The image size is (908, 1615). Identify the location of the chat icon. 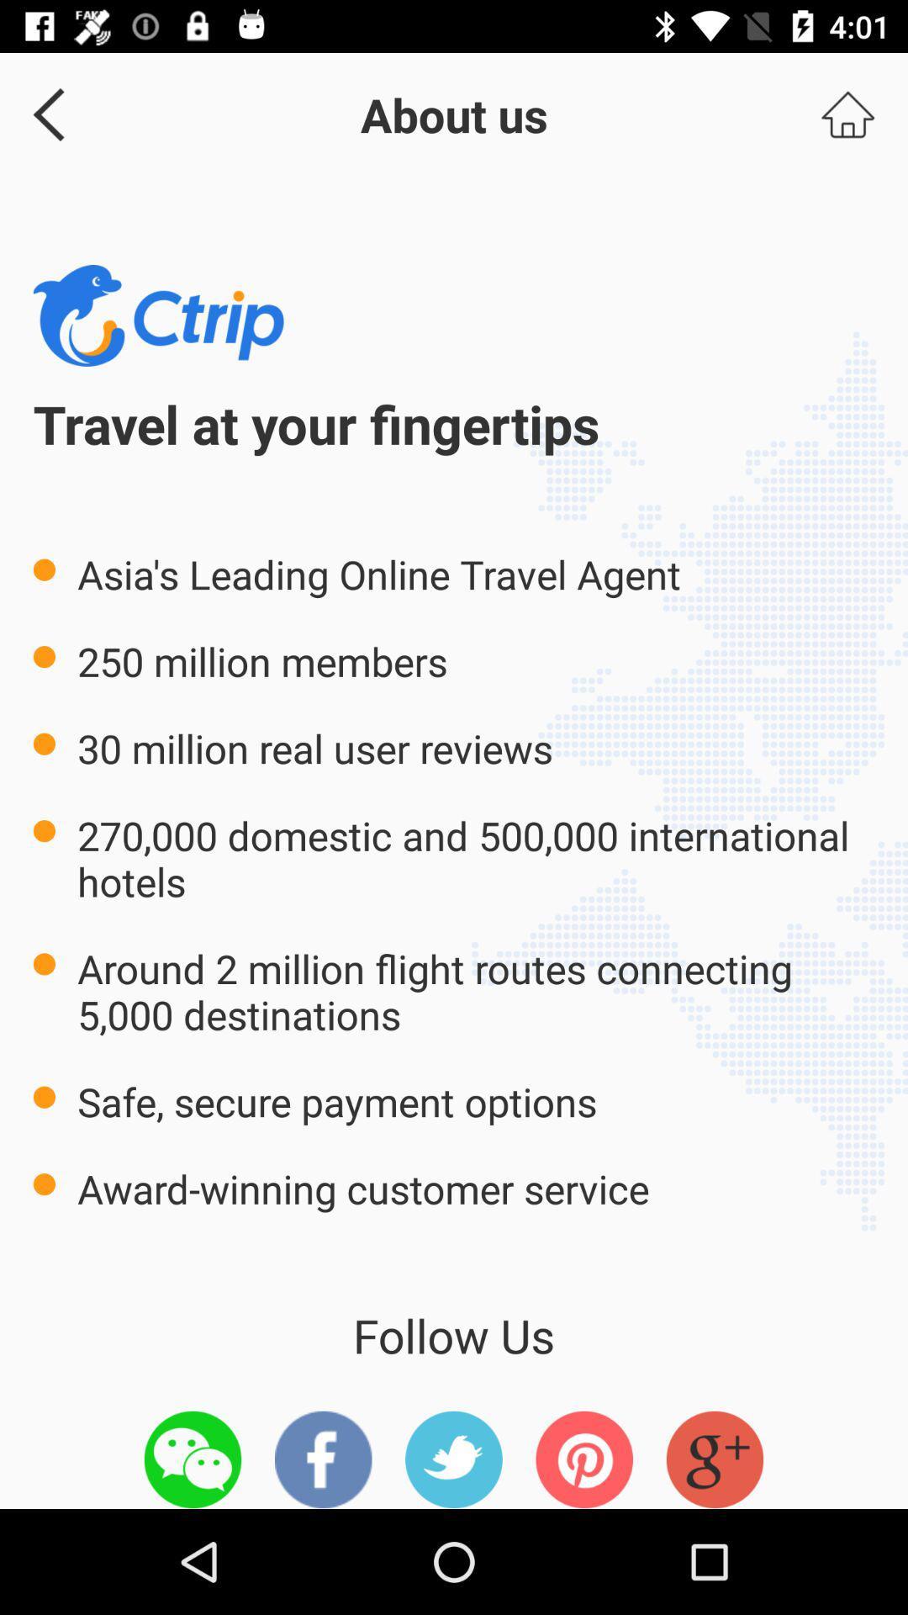
(192, 1459).